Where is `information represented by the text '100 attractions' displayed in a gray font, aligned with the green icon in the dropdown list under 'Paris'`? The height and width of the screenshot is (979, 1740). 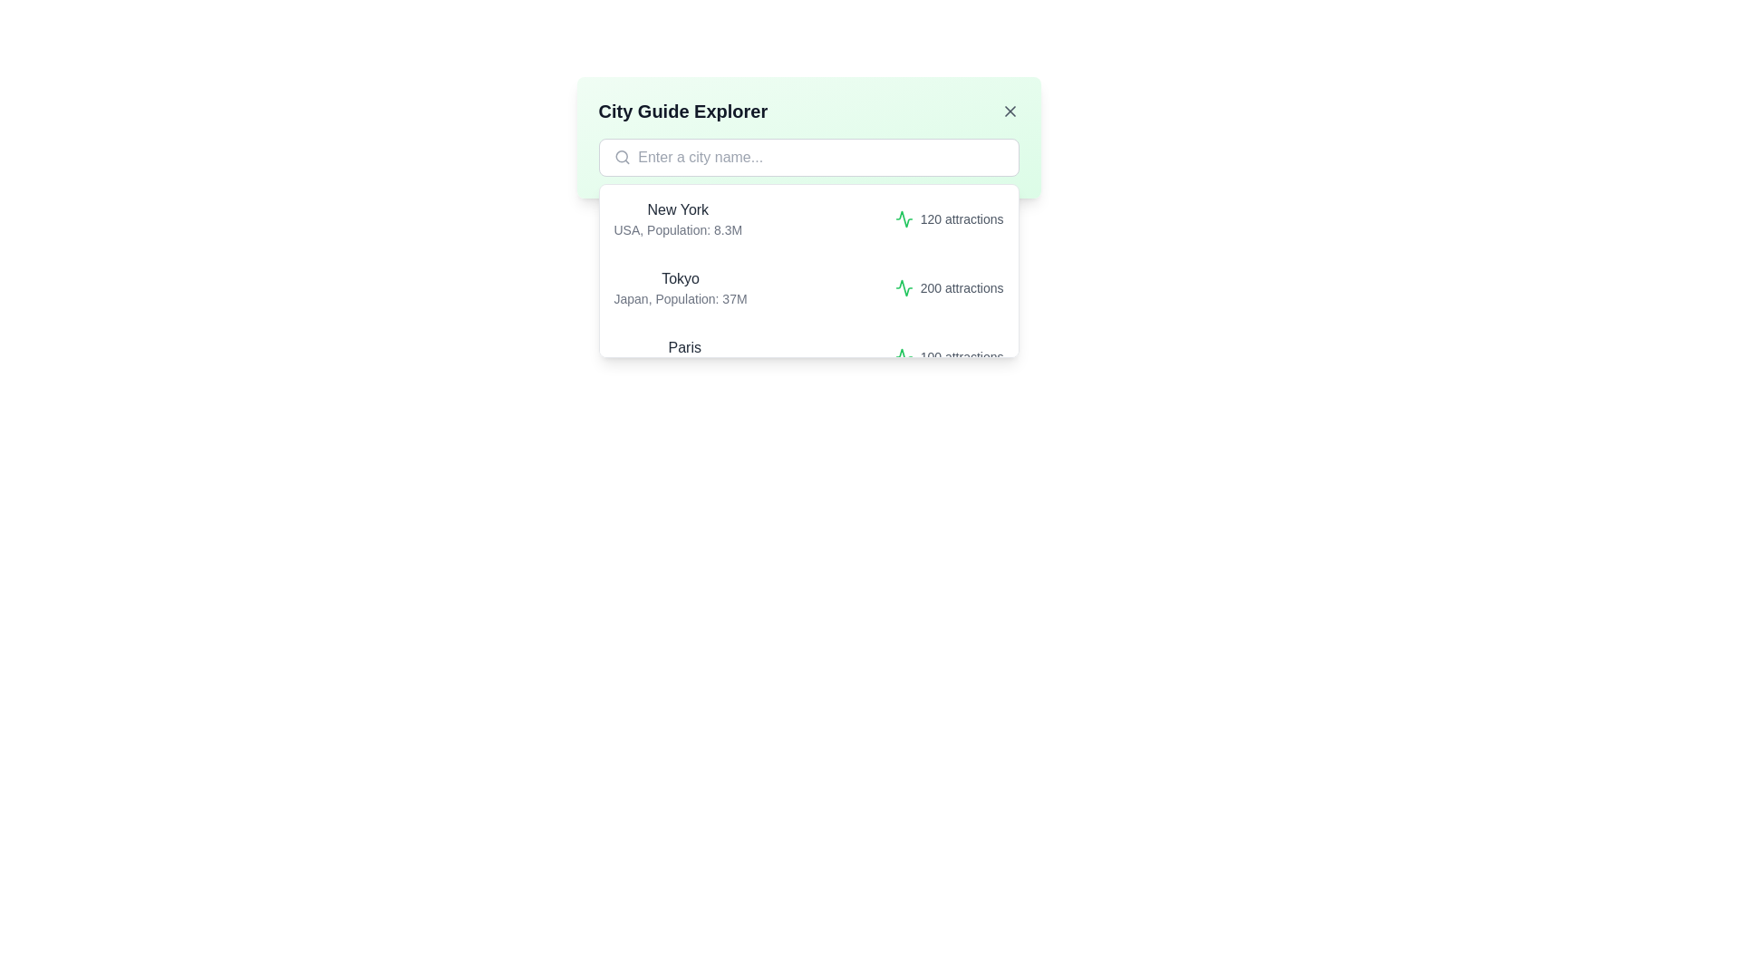
information represented by the text '100 attractions' displayed in a gray font, aligned with the green icon in the dropdown list under 'Paris' is located at coordinates (961, 356).